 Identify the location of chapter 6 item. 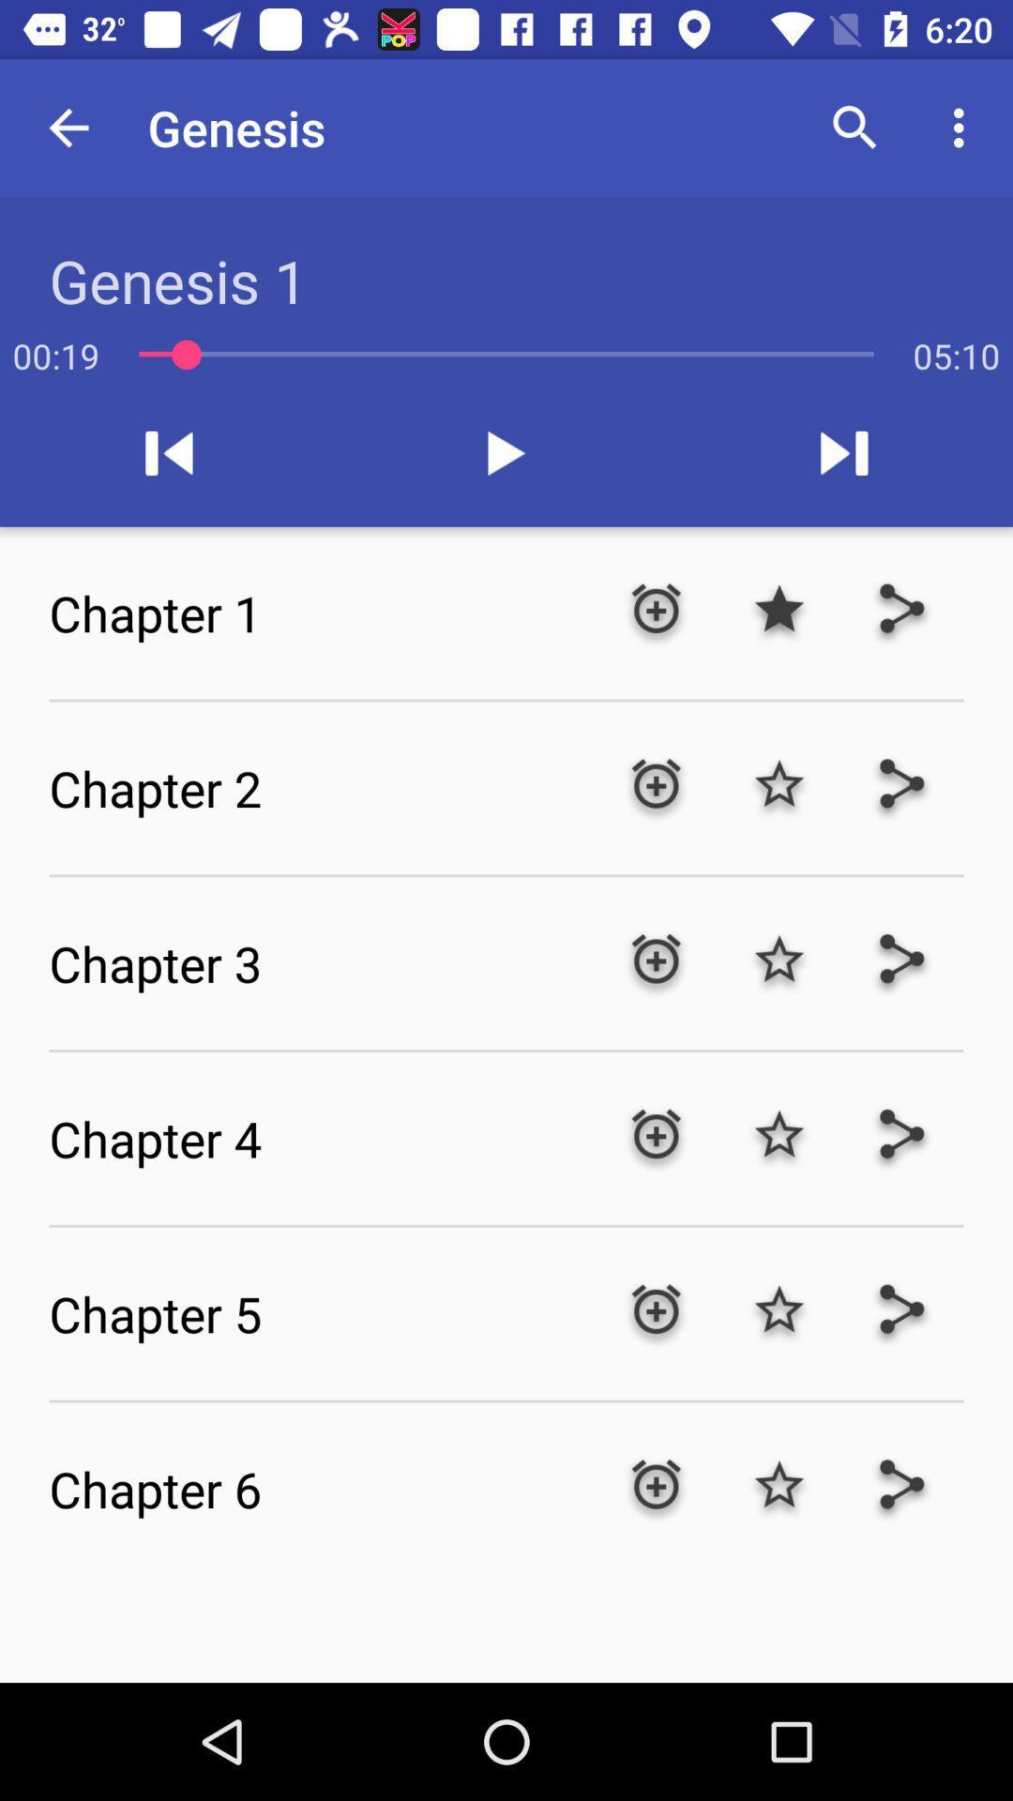
(321, 1488).